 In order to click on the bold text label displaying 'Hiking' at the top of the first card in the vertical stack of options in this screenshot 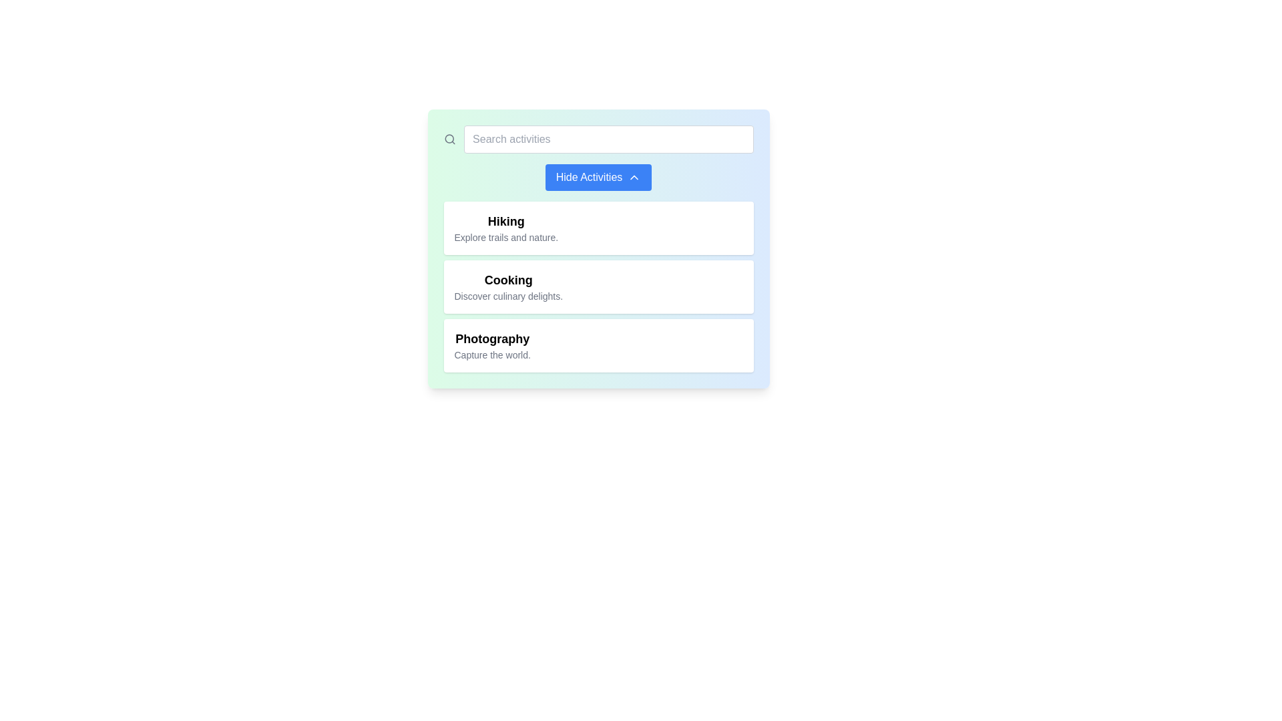, I will do `click(505, 220)`.